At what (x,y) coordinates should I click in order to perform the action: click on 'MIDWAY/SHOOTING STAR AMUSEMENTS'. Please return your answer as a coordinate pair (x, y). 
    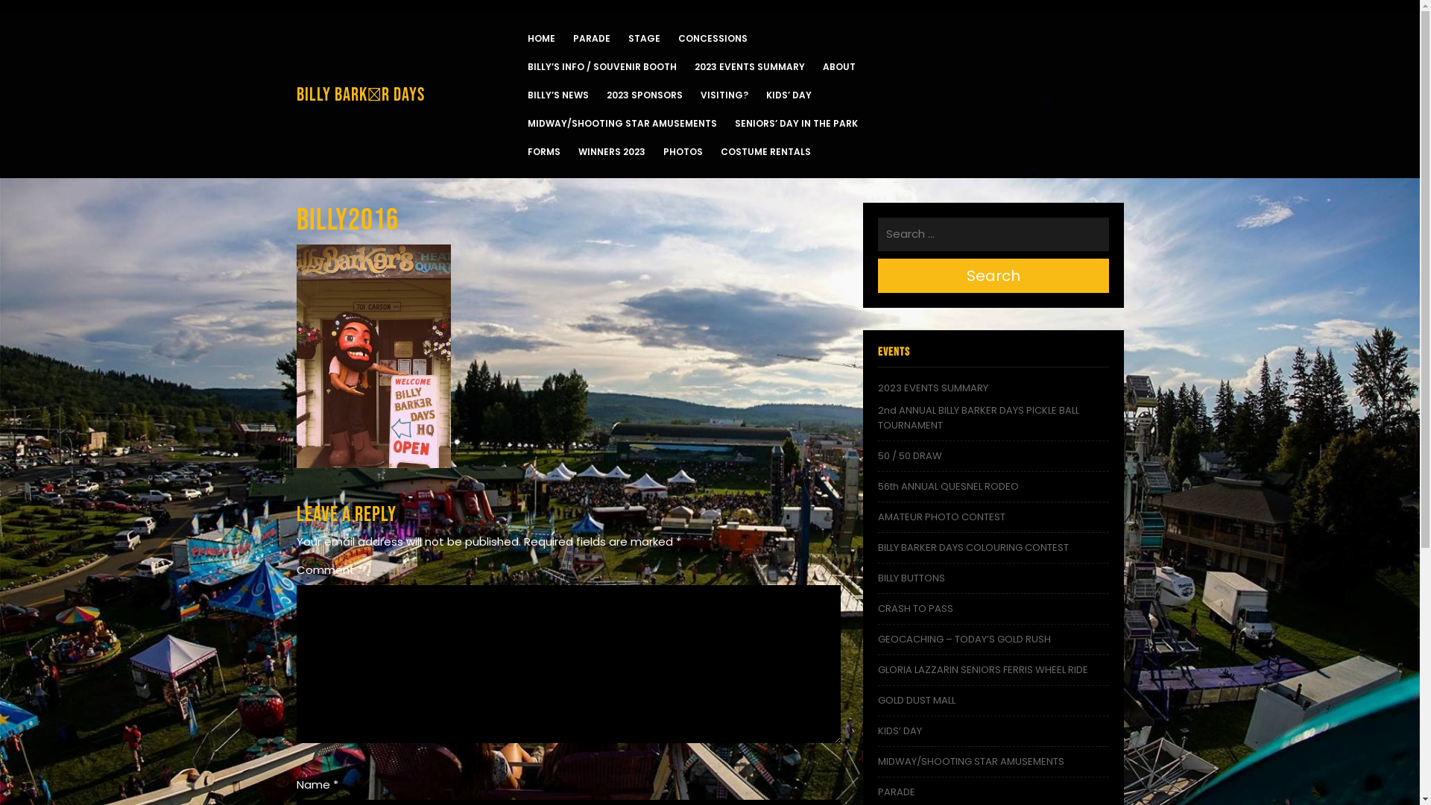
    Looking at the image, I should click on (970, 761).